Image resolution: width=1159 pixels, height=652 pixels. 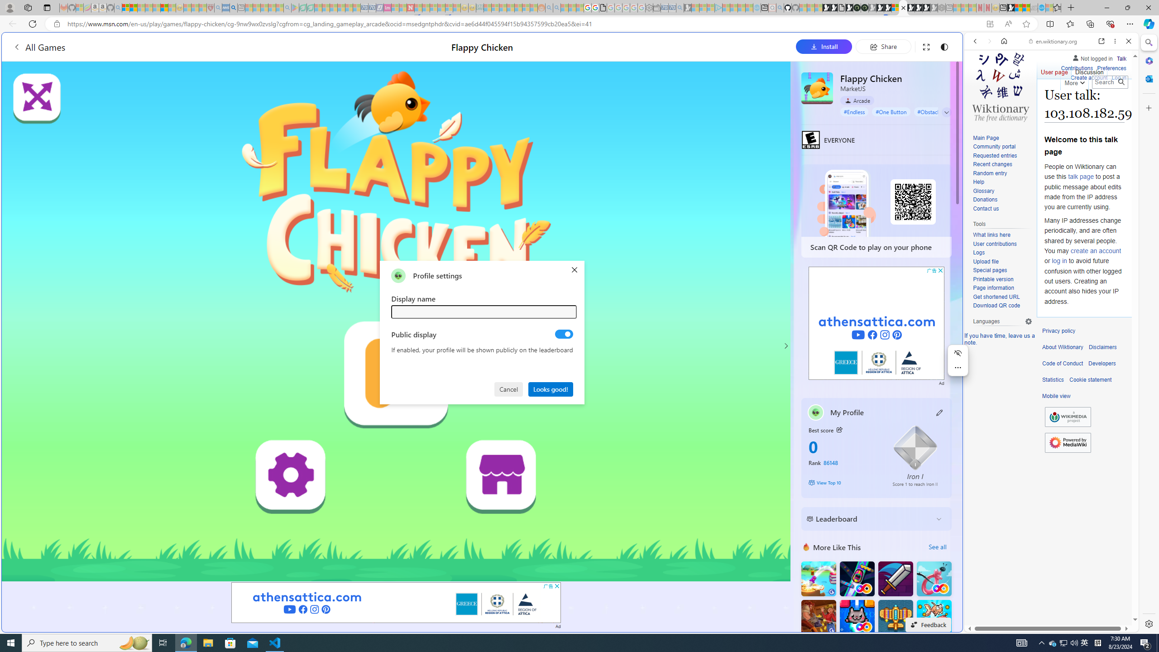 I want to click on 'User contributions', so click(x=994, y=243).